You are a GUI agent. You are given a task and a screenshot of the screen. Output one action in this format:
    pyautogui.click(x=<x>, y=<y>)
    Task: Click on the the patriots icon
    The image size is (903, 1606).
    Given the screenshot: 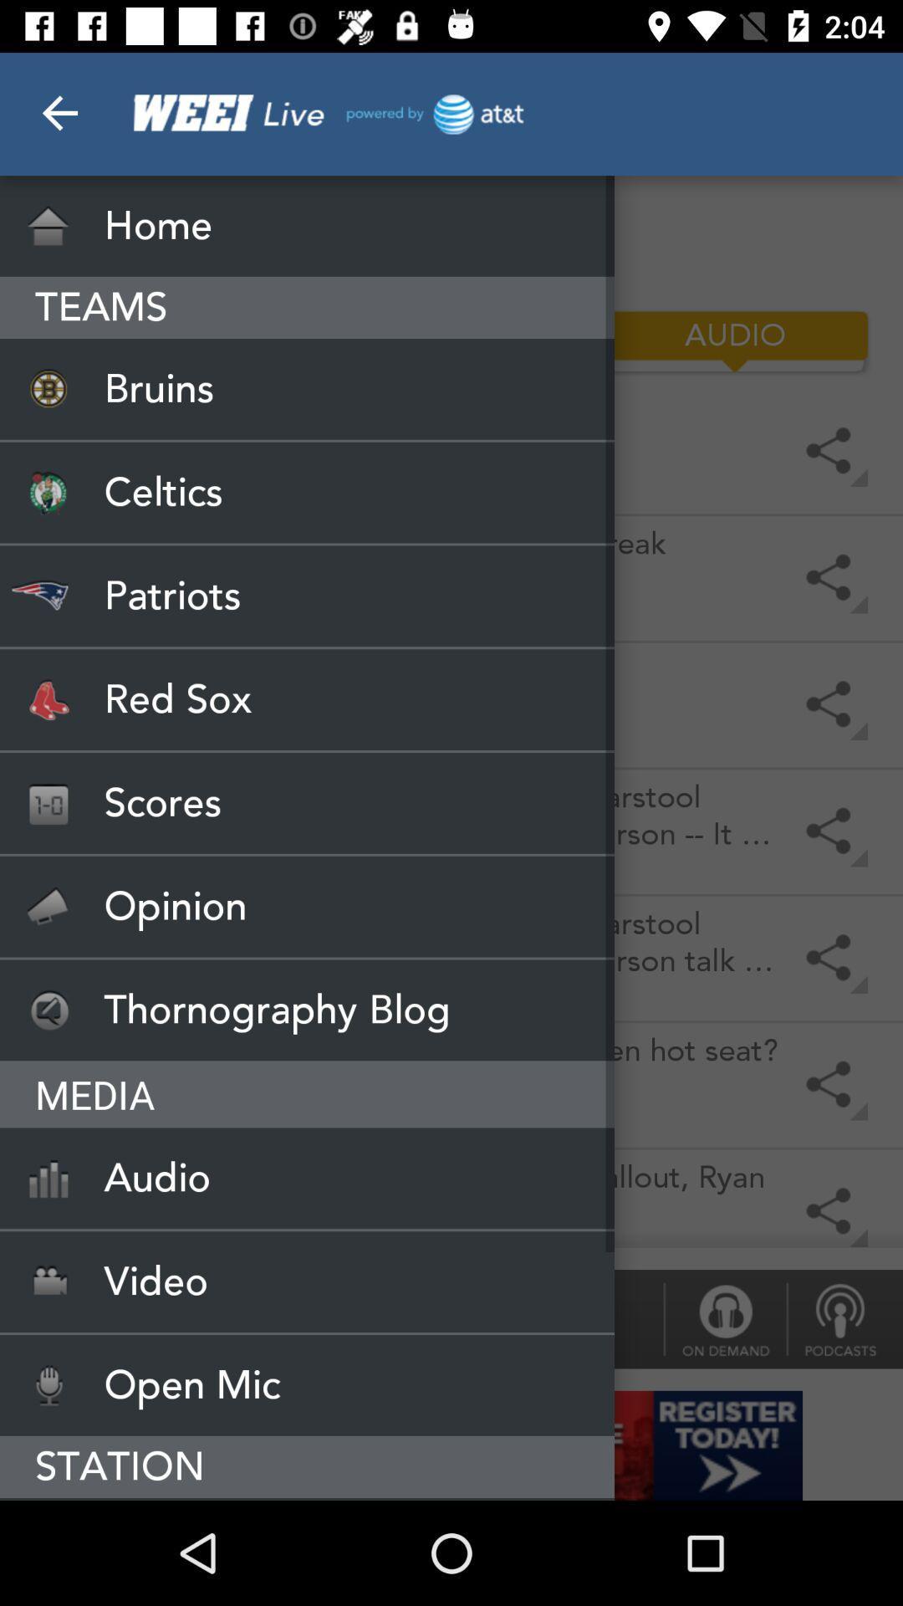 What is the action you would take?
    pyautogui.click(x=307, y=596)
    